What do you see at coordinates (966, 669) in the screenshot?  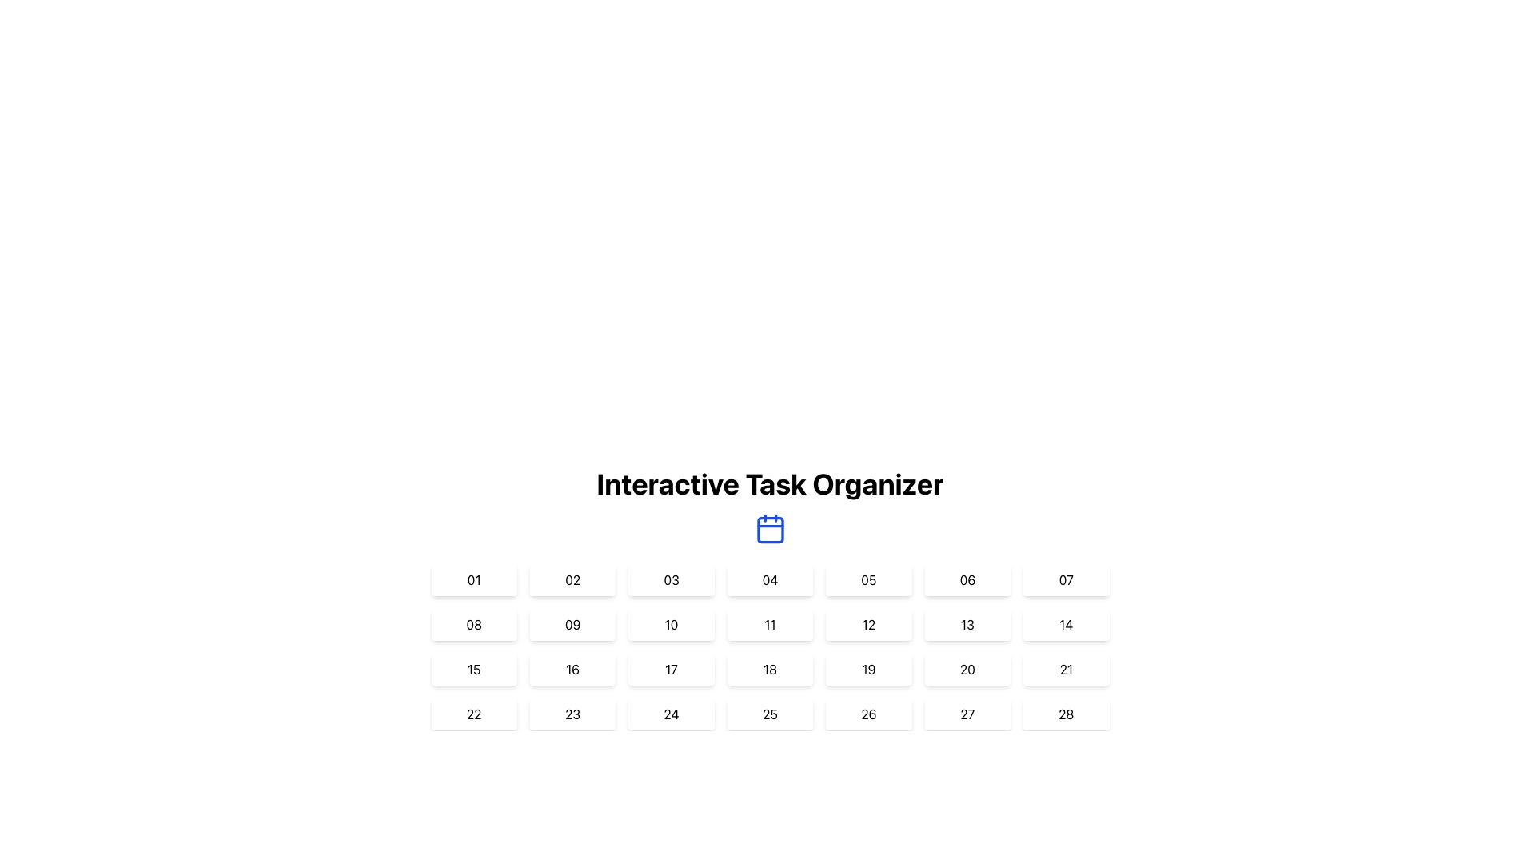 I see `the button corresponding to the date '20'` at bounding box center [966, 669].